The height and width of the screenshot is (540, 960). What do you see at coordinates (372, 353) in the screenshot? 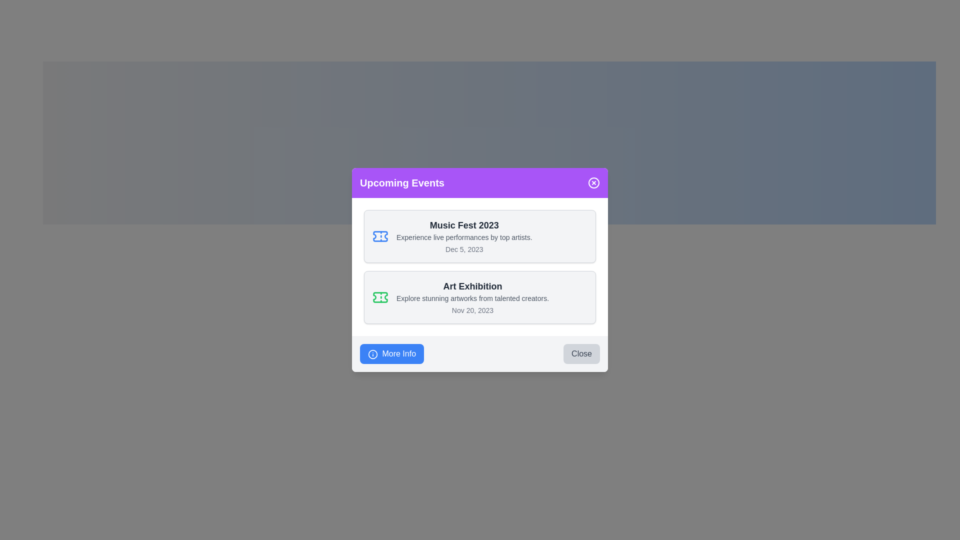
I see `the information icon SVG, which is part of the 'More Info' button located at the lower-left side of the popup interface` at bounding box center [372, 353].